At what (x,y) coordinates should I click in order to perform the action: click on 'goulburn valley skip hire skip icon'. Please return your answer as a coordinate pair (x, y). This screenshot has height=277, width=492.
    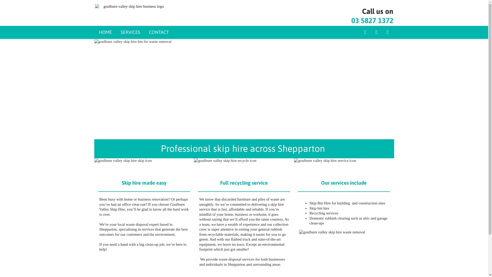
    Looking at the image, I should click on (144, 165).